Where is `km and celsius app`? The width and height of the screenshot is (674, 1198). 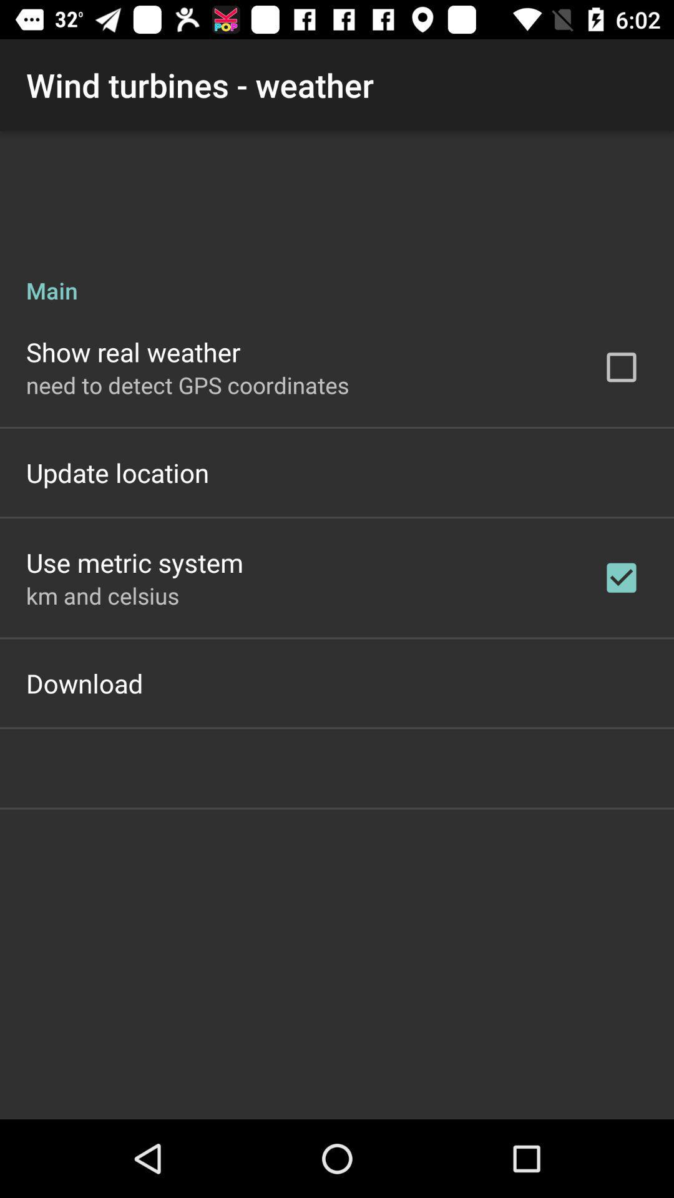
km and celsius app is located at coordinates (102, 595).